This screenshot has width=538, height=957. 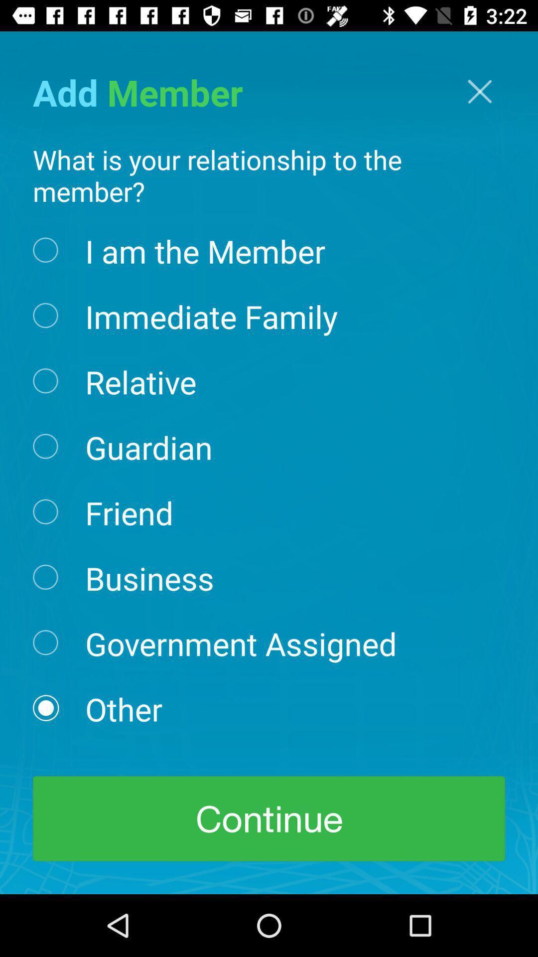 What do you see at coordinates (211, 315) in the screenshot?
I see `the icon above relative icon` at bounding box center [211, 315].